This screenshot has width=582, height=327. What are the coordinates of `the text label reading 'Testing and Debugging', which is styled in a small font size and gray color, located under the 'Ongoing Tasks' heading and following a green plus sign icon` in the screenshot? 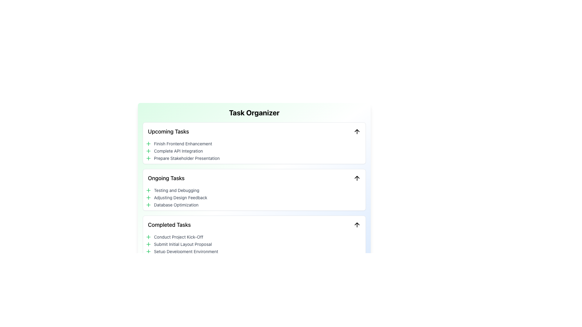 It's located at (176, 190).